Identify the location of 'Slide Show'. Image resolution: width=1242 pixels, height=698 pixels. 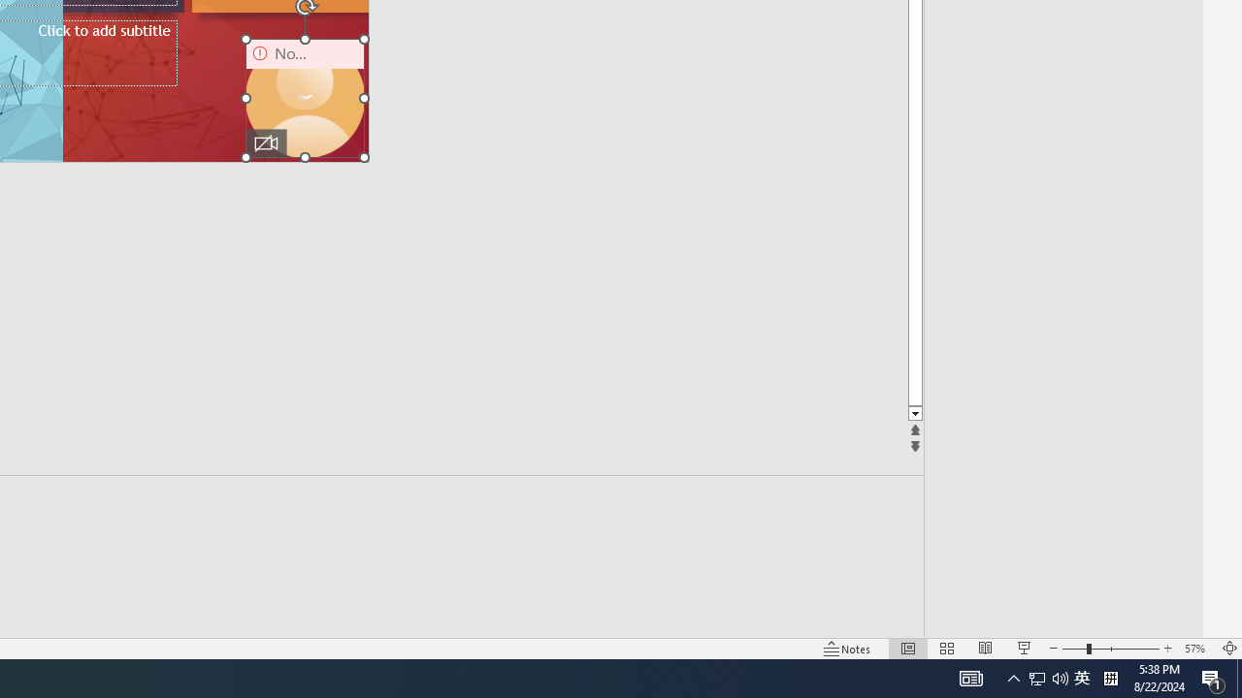
(1024, 649).